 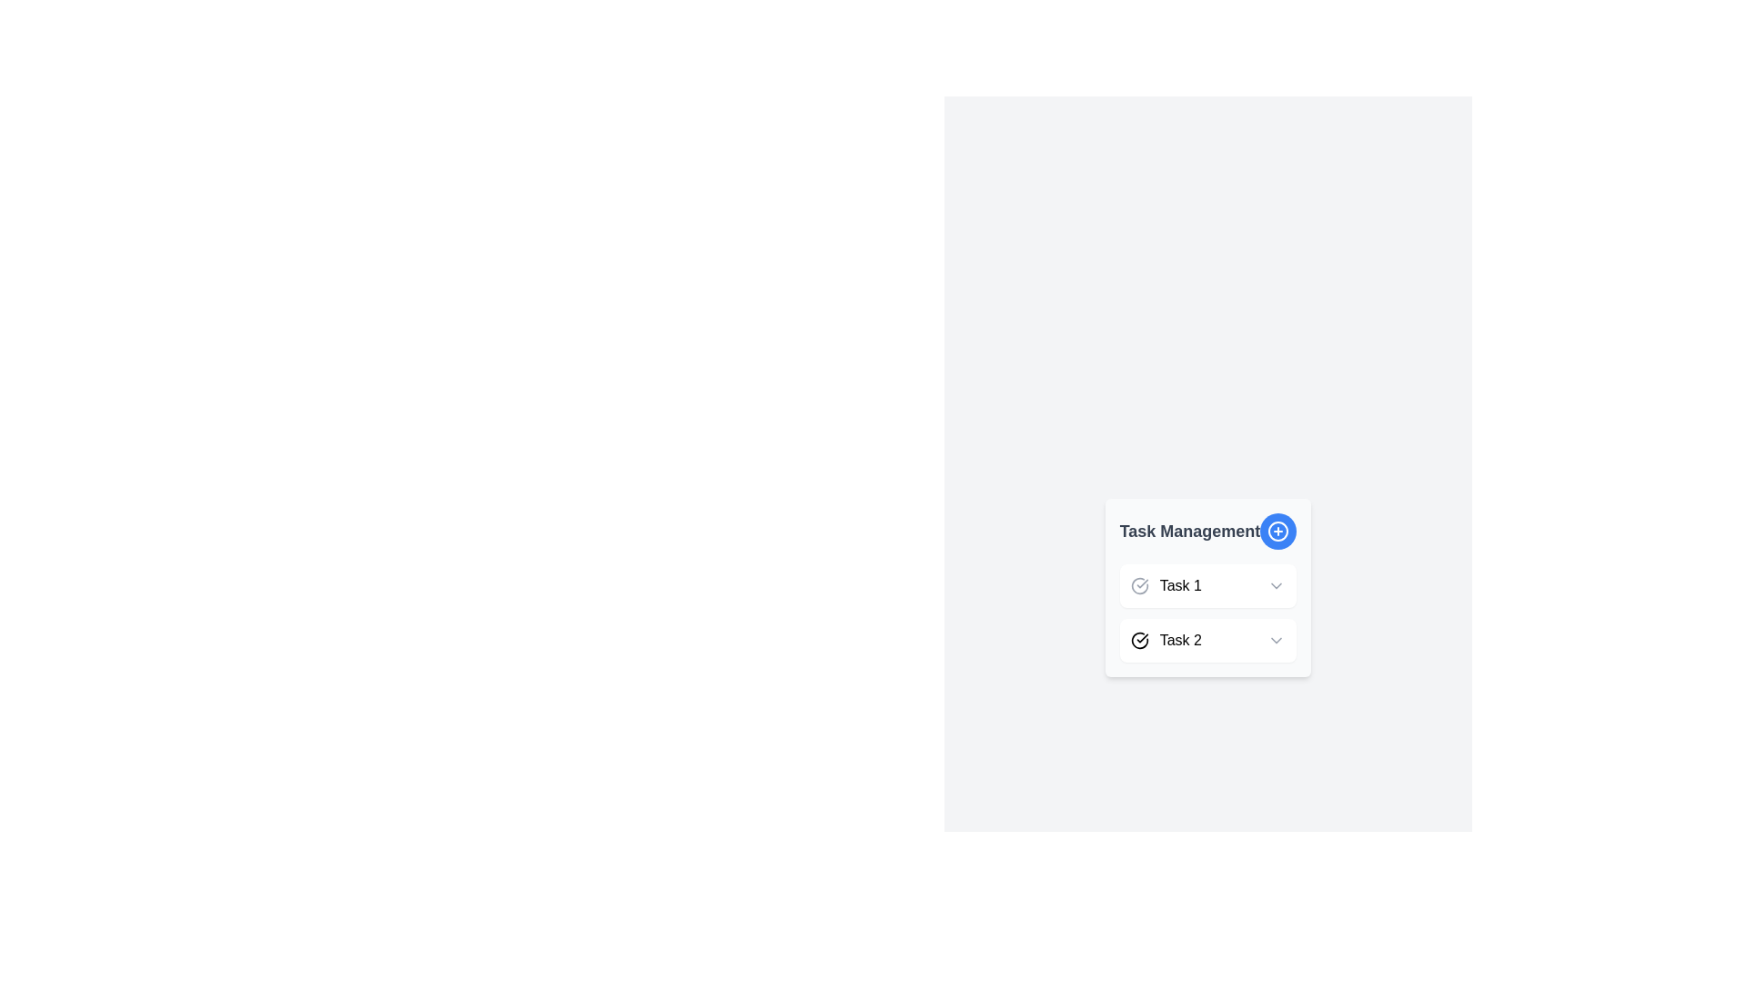 I want to click on the small downward-facing chevron icon located to the far right of the 'Task 2' text label, so click(x=1276, y=640).